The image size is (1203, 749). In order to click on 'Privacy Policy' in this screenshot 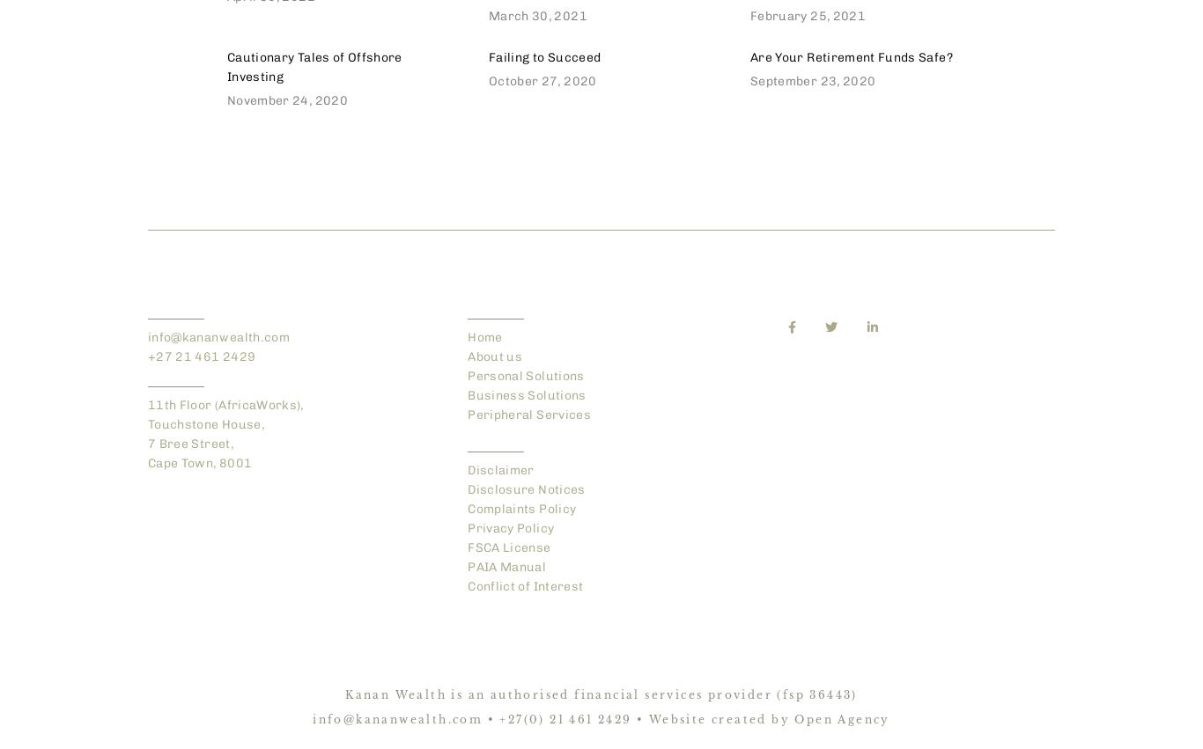, I will do `click(510, 528)`.